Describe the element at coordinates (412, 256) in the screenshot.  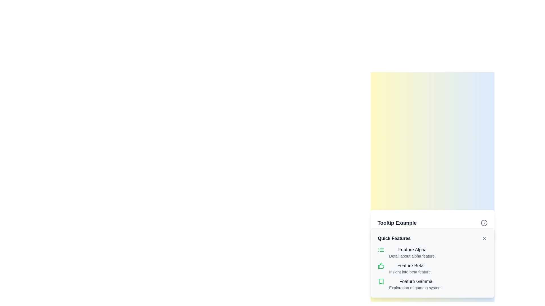
I see `the informative label that reads 'Detail about alpha feature', which is styled in smaller gray font and positioned directly below 'Feature Alpha' in the 'Quick Features' section` at that location.